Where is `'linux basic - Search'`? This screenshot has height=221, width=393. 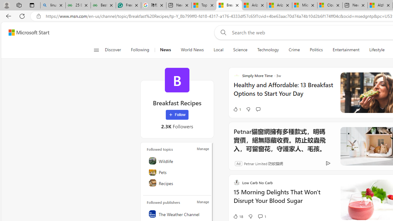
'linux basic - Search' is located at coordinates (53, 5).